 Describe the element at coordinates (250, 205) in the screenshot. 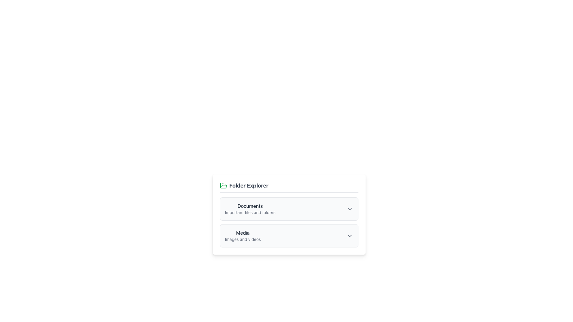

I see `the Text Label that reads 'Documents', which is styled with medium-weight font in dark gray color, located at the top-left corner of the section under 'Folder Explorer'` at that location.